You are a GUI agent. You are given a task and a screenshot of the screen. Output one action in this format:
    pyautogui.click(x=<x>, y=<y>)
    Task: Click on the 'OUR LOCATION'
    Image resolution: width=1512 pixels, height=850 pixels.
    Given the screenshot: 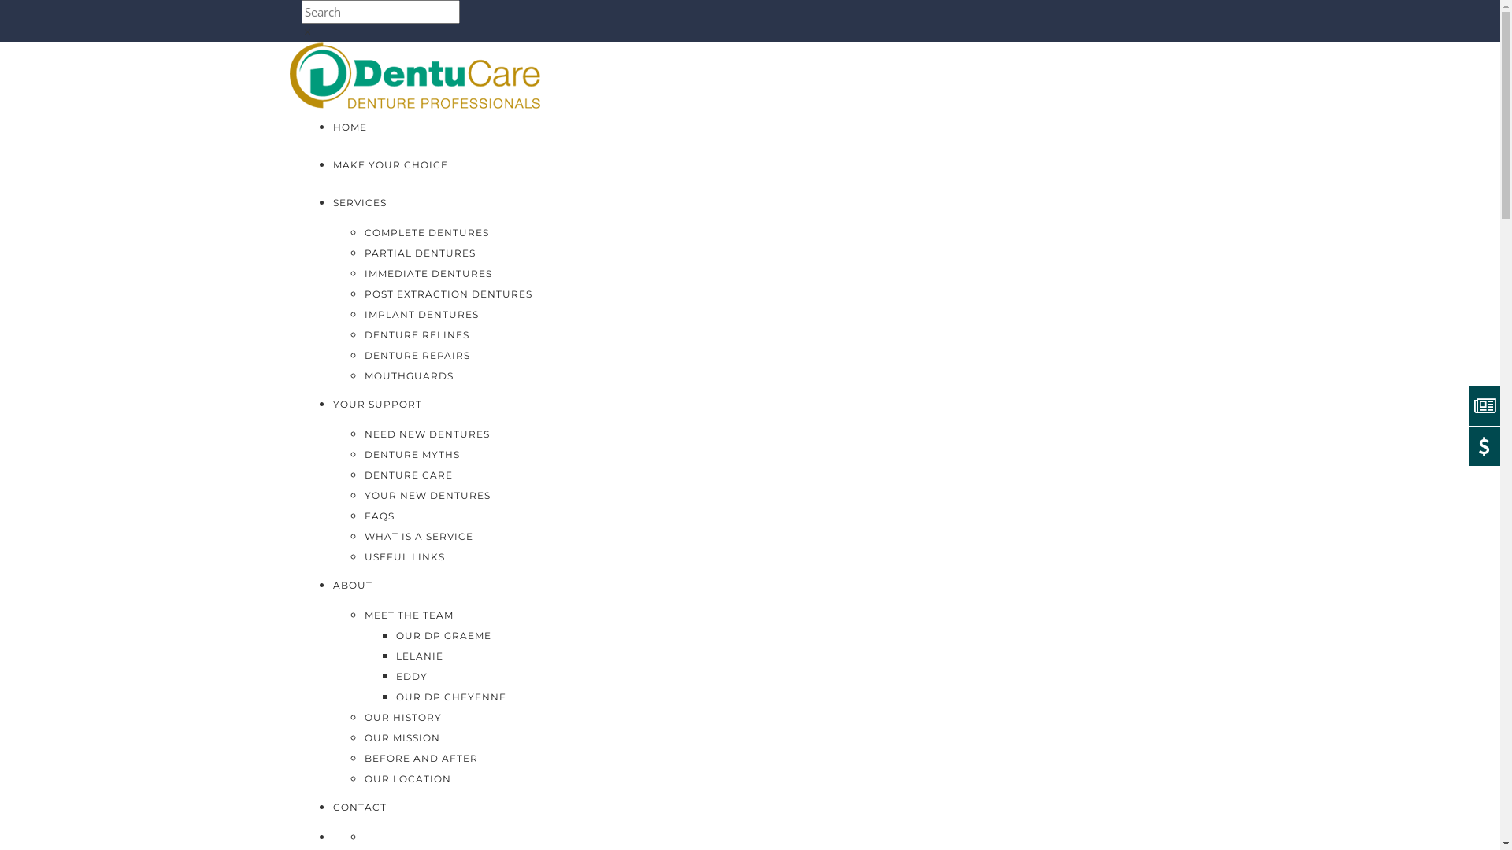 What is the action you would take?
    pyautogui.click(x=407, y=778)
    